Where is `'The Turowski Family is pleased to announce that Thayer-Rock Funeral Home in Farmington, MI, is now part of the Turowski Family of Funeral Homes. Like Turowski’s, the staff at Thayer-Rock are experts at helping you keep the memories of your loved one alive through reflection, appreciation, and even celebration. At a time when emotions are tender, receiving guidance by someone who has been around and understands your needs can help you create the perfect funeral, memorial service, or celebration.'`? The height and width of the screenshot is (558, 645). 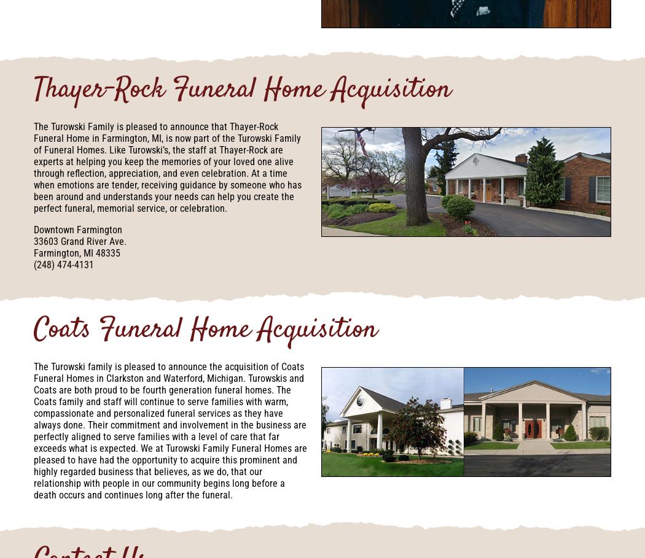
'The Turowski Family is pleased to announce that Thayer-Rock Funeral Home in Farmington, MI, is now part of the Turowski Family of Funeral Homes. Like Turowski’s, the staff at Thayer-Rock are experts at helping you keep the memories of your loved one alive through reflection, appreciation, and even celebration. At a time when emotions are tender, receiving guidance by someone who has been around and understands your needs can help you create the perfect funeral, memorial service, or celebration.' is located at coordinates (167, 167).